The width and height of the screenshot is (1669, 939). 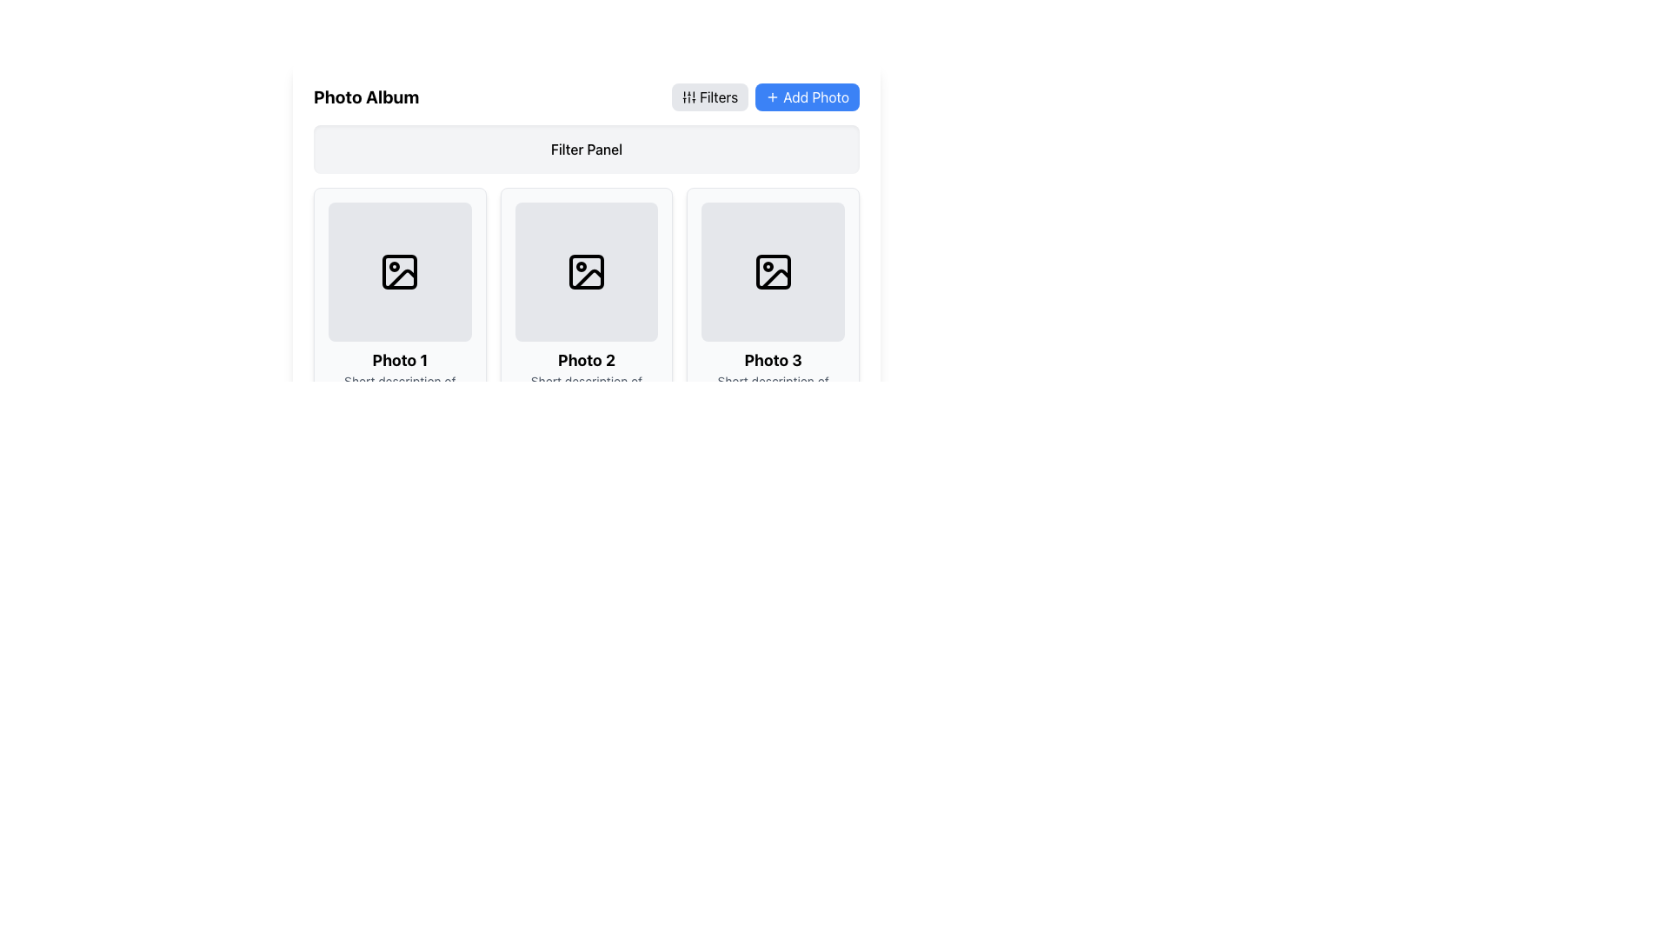 What do you see at coordinates (815, 97) in the screenshot?
I see `the 'Add Photo' button located at the top-right corner of the interface to observe its visual response, which includes a color change to a darker blue` at bounding box center [815, 97].